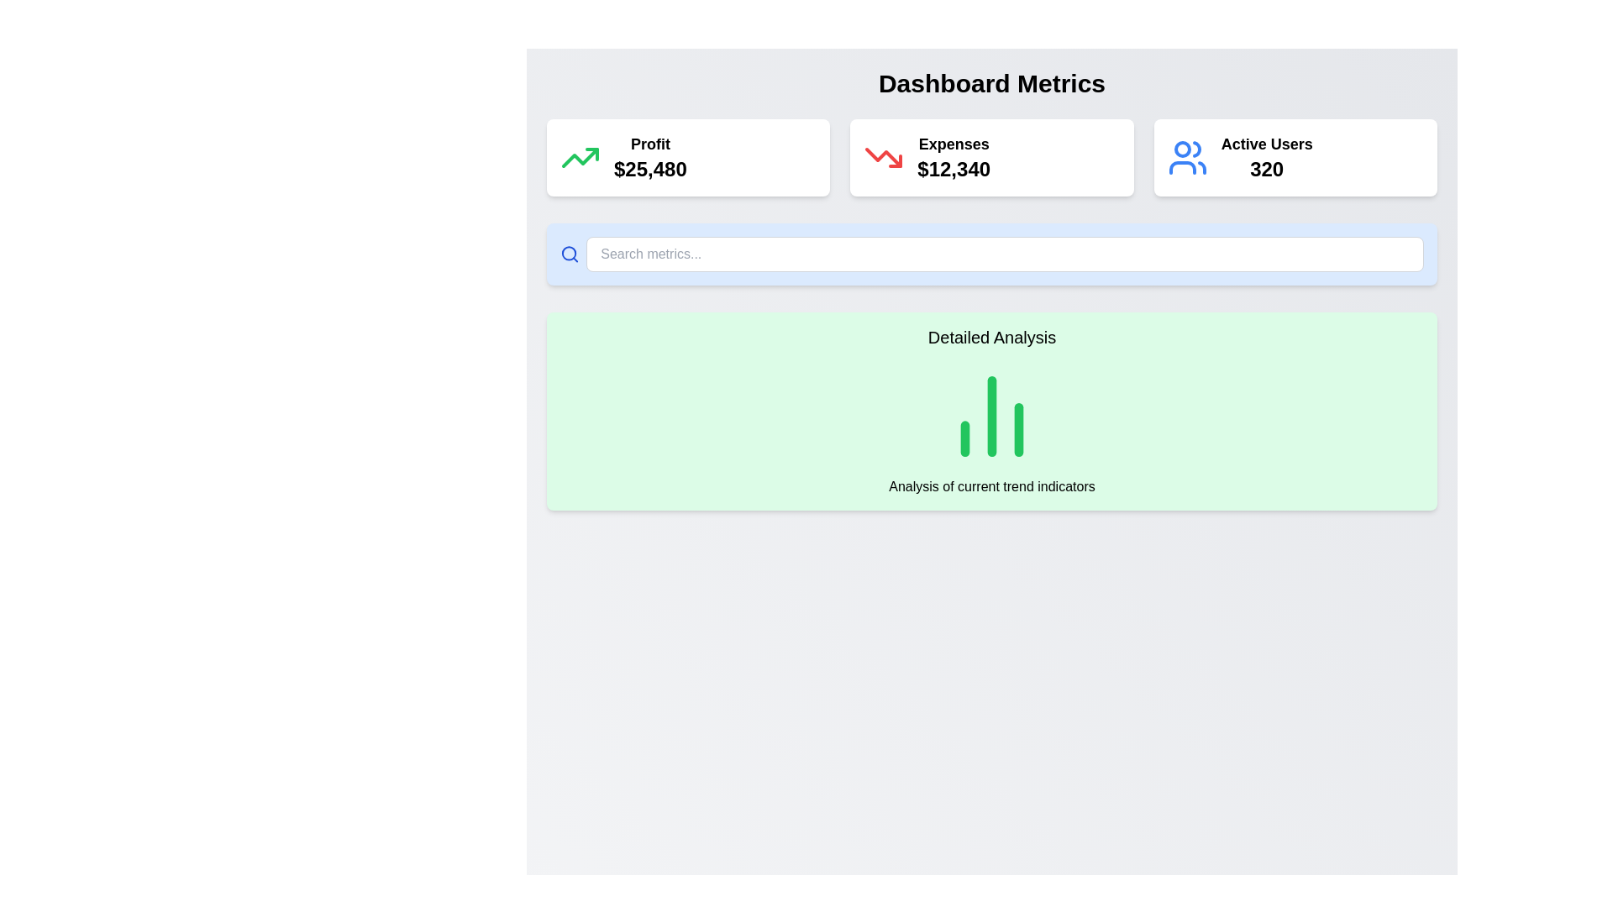 The image size is (1613, 907). What do you see at coordinates (592, 155) in the screenshot?
I see `the triangular-shaped vector graphical component that denotes a positive trend in the 'Profit' metric card located at the top left of the dashboard` at bounding box center [592, 155].